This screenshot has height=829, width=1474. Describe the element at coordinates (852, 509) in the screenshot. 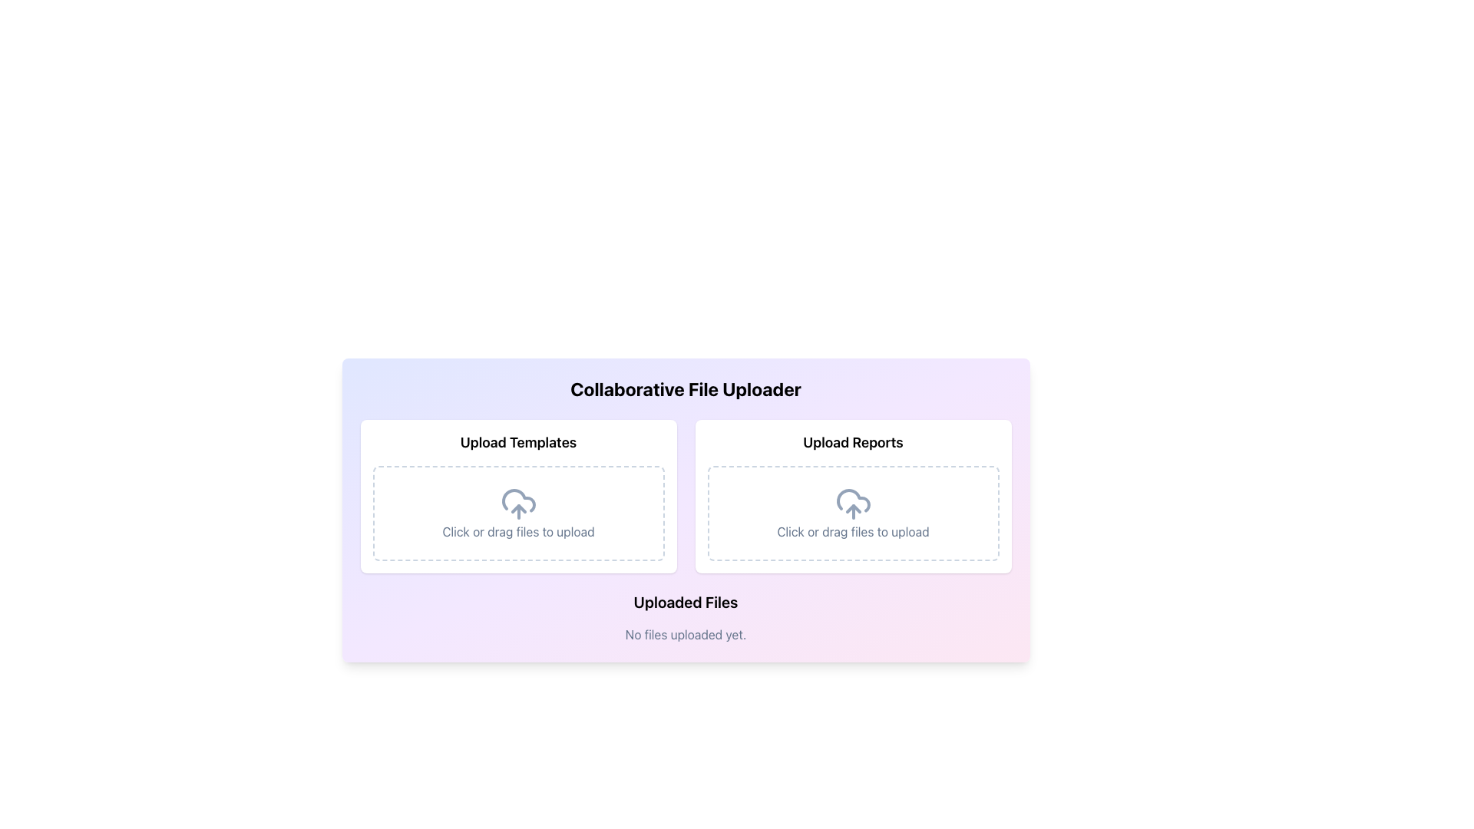

I see `the upward-pointing arrow icon within the cloud graphic, which is part of the 'Upload Reports' section` at that location.